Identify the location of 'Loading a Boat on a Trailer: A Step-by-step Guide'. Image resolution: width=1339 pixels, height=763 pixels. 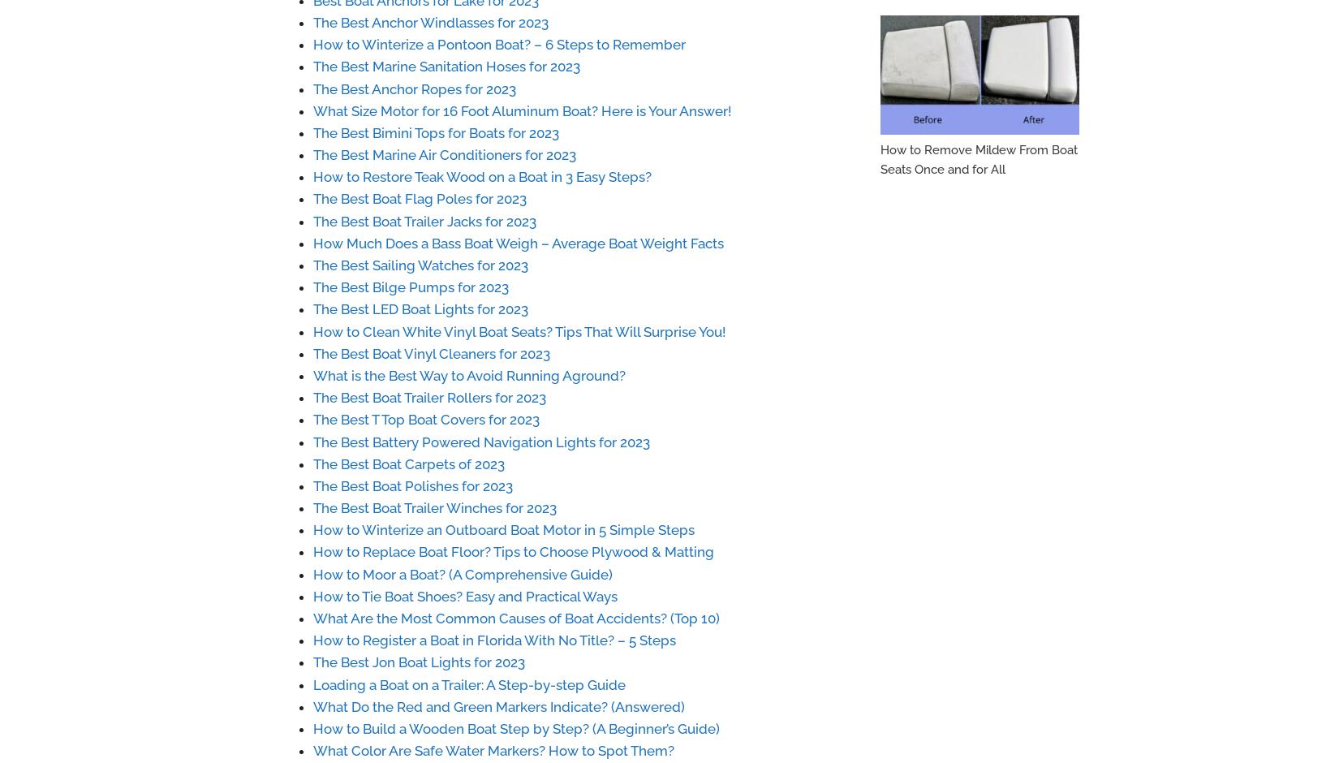
(468, 683).